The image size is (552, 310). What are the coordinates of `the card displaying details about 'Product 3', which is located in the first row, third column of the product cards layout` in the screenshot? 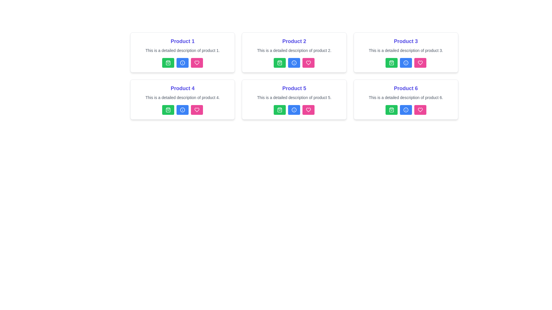 It's located at (405, 52).